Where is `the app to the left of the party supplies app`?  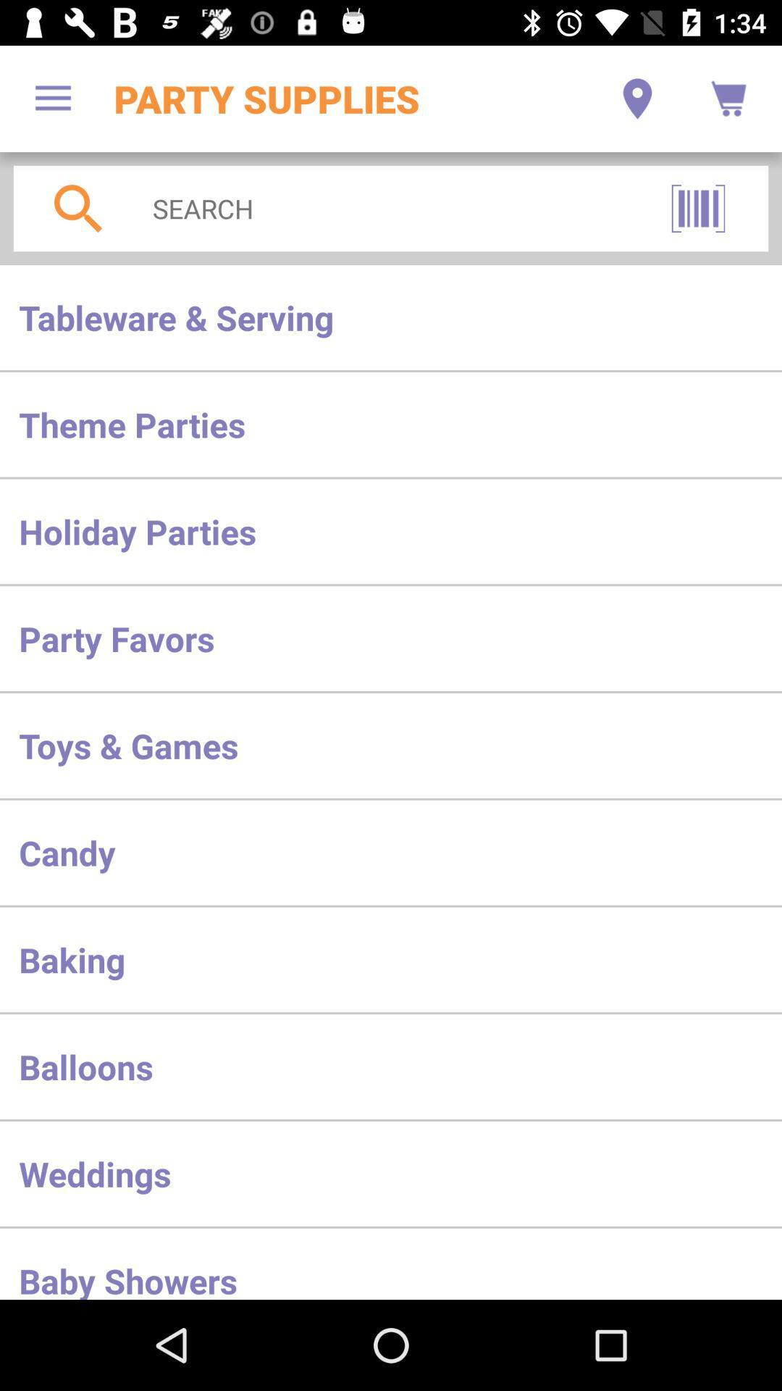
the app to the left of the party supplies app is located at coordinates (52, 98).